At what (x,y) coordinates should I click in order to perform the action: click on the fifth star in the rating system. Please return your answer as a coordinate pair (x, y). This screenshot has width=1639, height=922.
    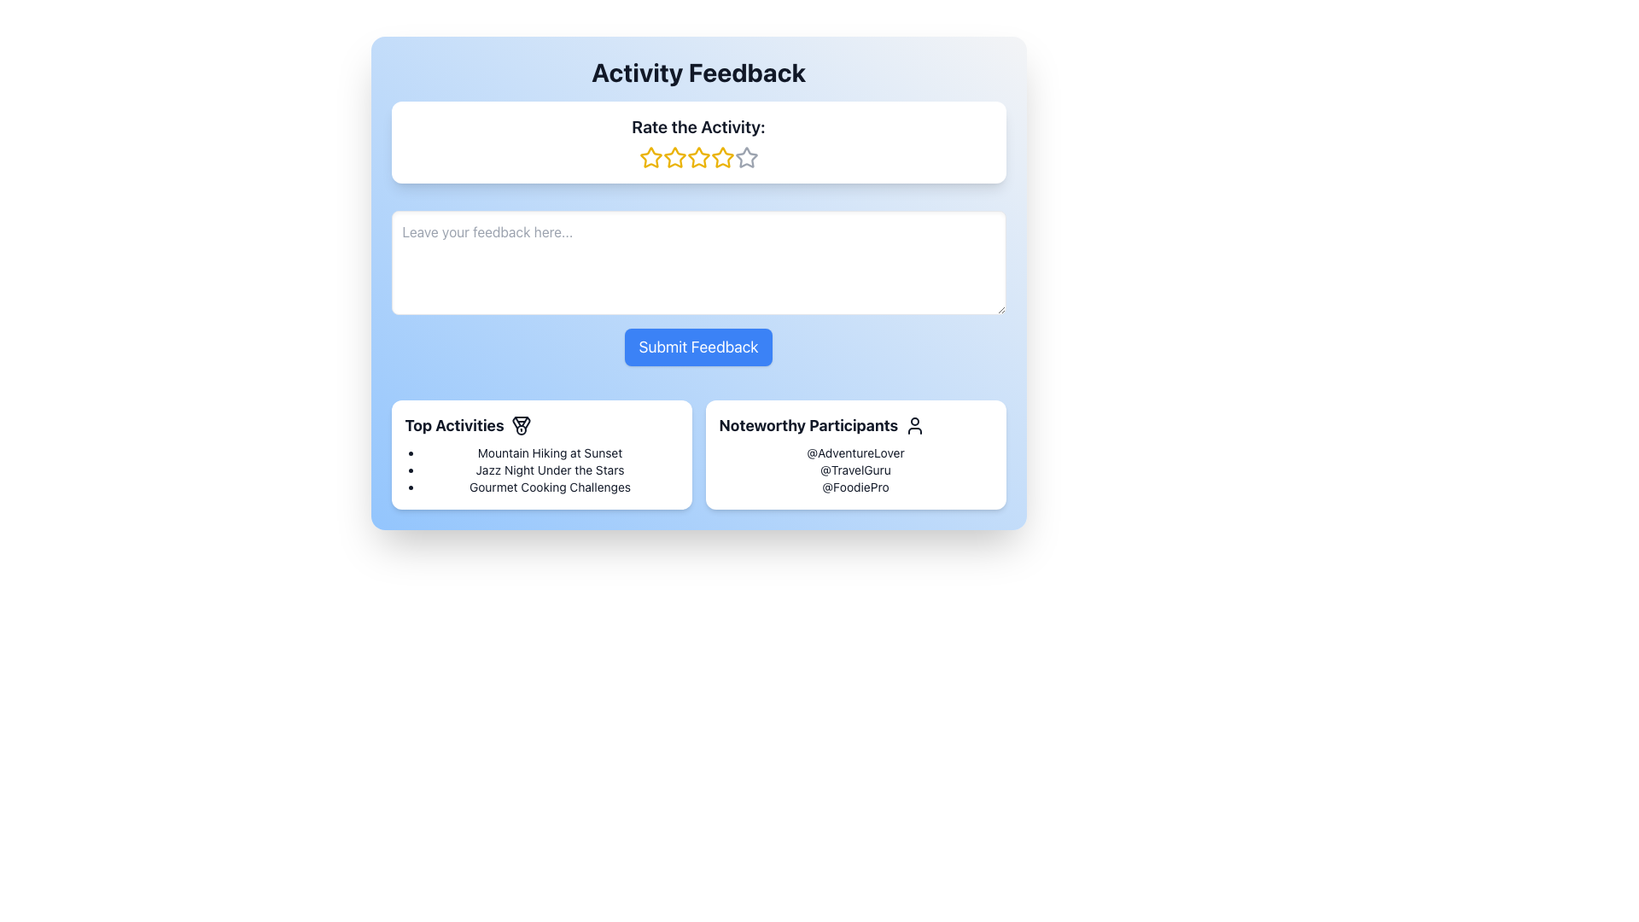
    Looking at the image, I should click on (722, 158).